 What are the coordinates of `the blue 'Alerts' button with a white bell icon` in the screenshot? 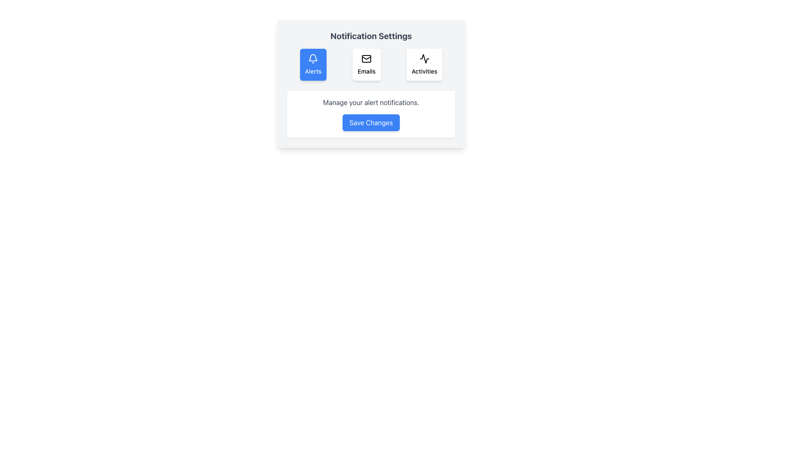 It's located at (313, 64).